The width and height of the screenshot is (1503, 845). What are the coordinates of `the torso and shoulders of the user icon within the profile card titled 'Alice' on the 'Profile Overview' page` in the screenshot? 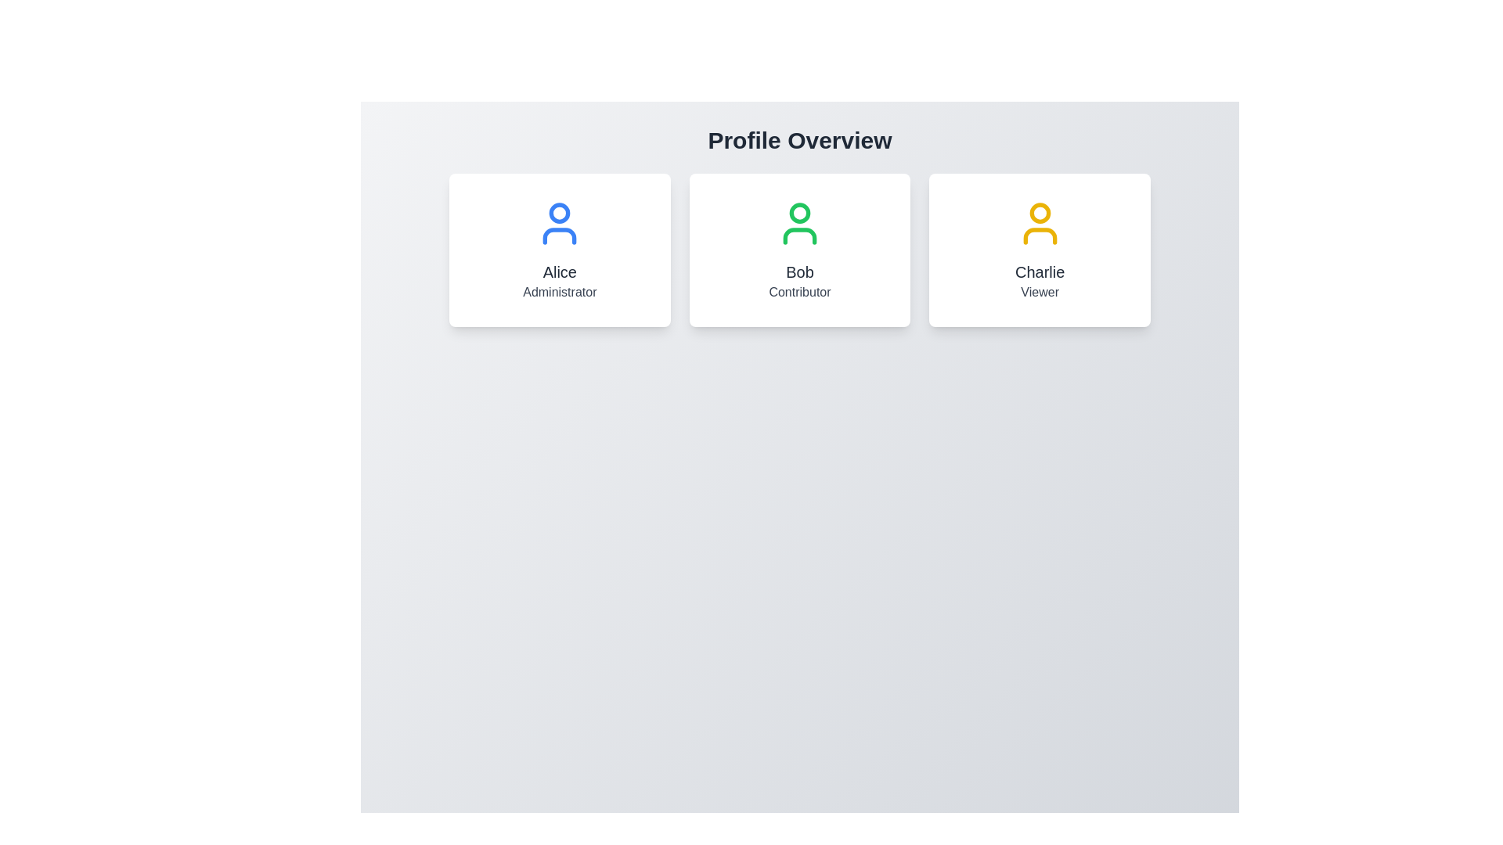 It's located at (560, 236).